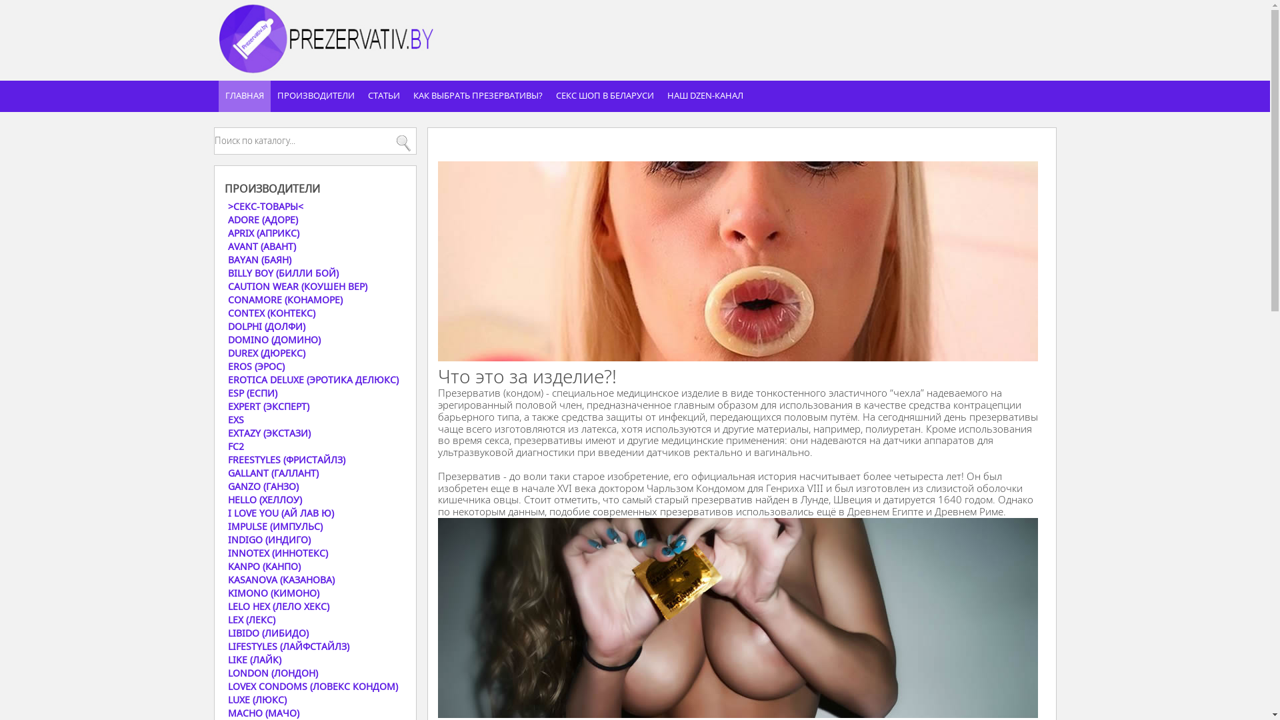  What do you see at coordinates (330, 37) in the screenshot?
I see `'prezervativ.by'` at bounding box center [330, 37].